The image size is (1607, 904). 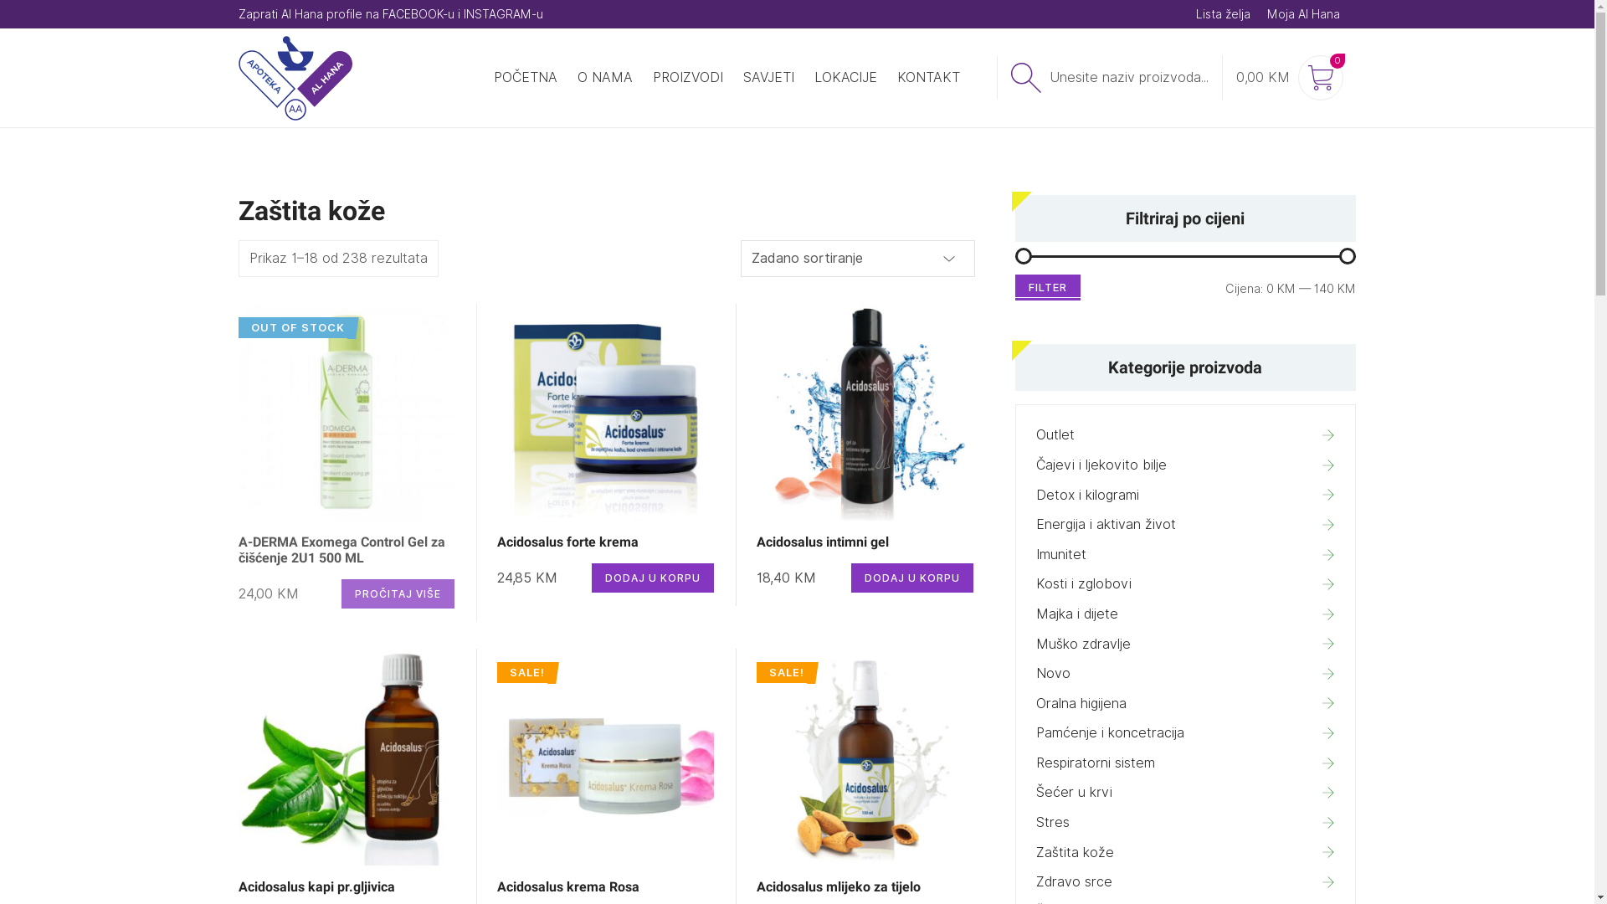 I want to click on 'Novo', so click(x=1184, y=673).